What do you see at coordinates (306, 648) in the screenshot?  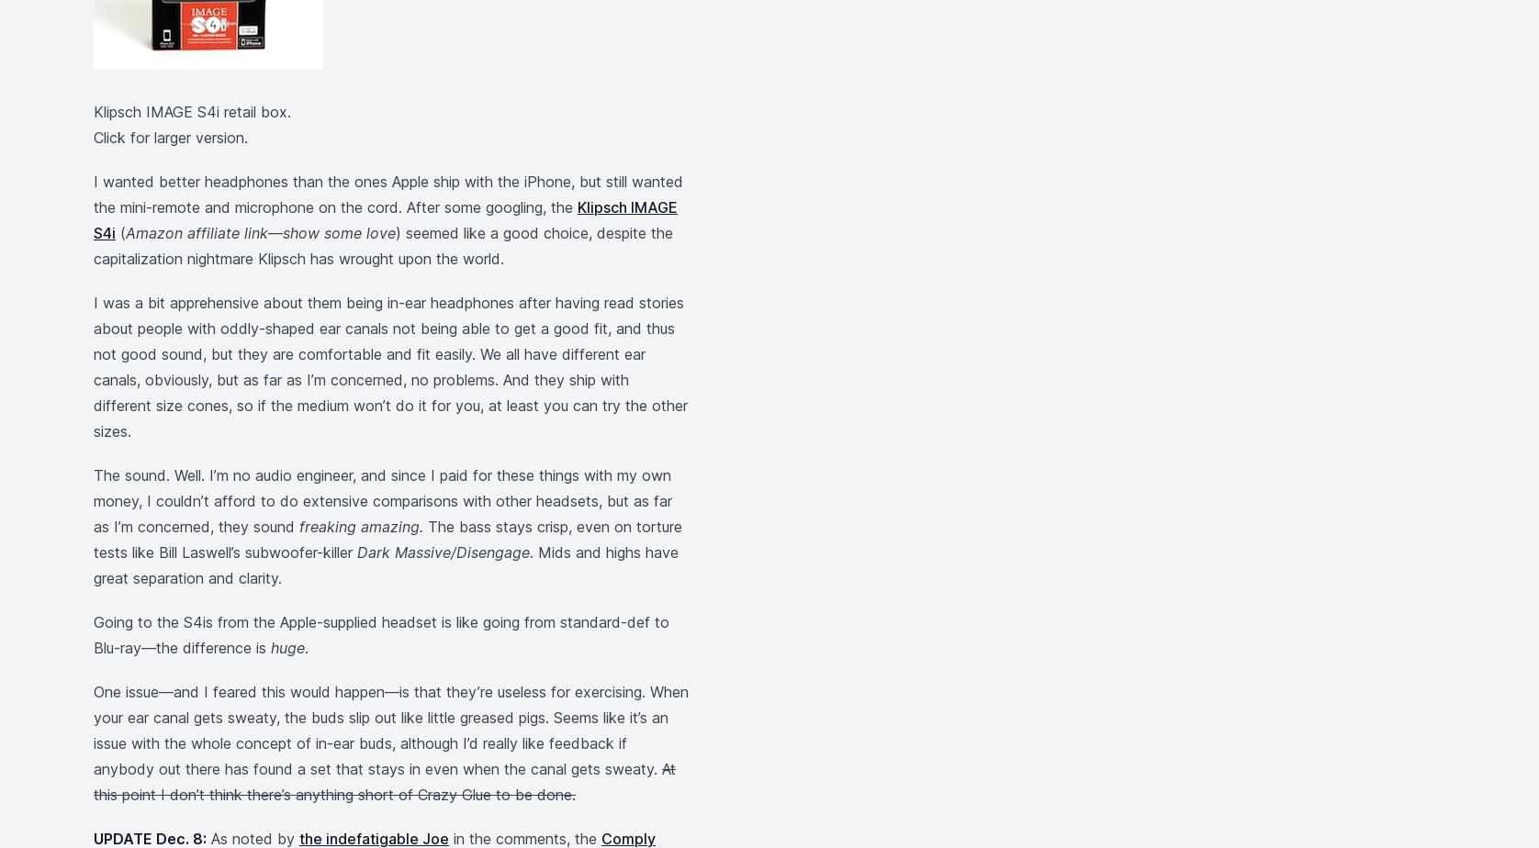 I see `'.'` at bounding box center [306, 648].